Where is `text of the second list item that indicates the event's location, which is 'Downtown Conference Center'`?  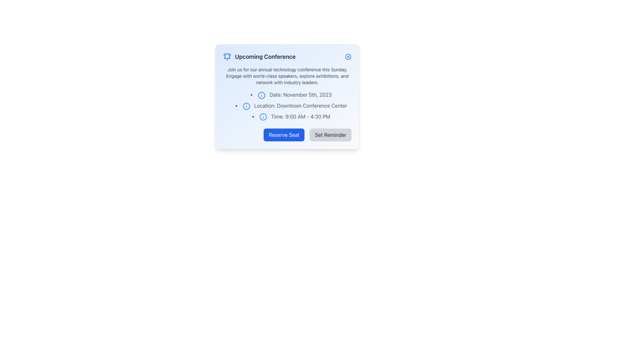 text of the second list item that indicates the event's location, which is 'Downtown Conference Center' is located at coordinates (287, 105).